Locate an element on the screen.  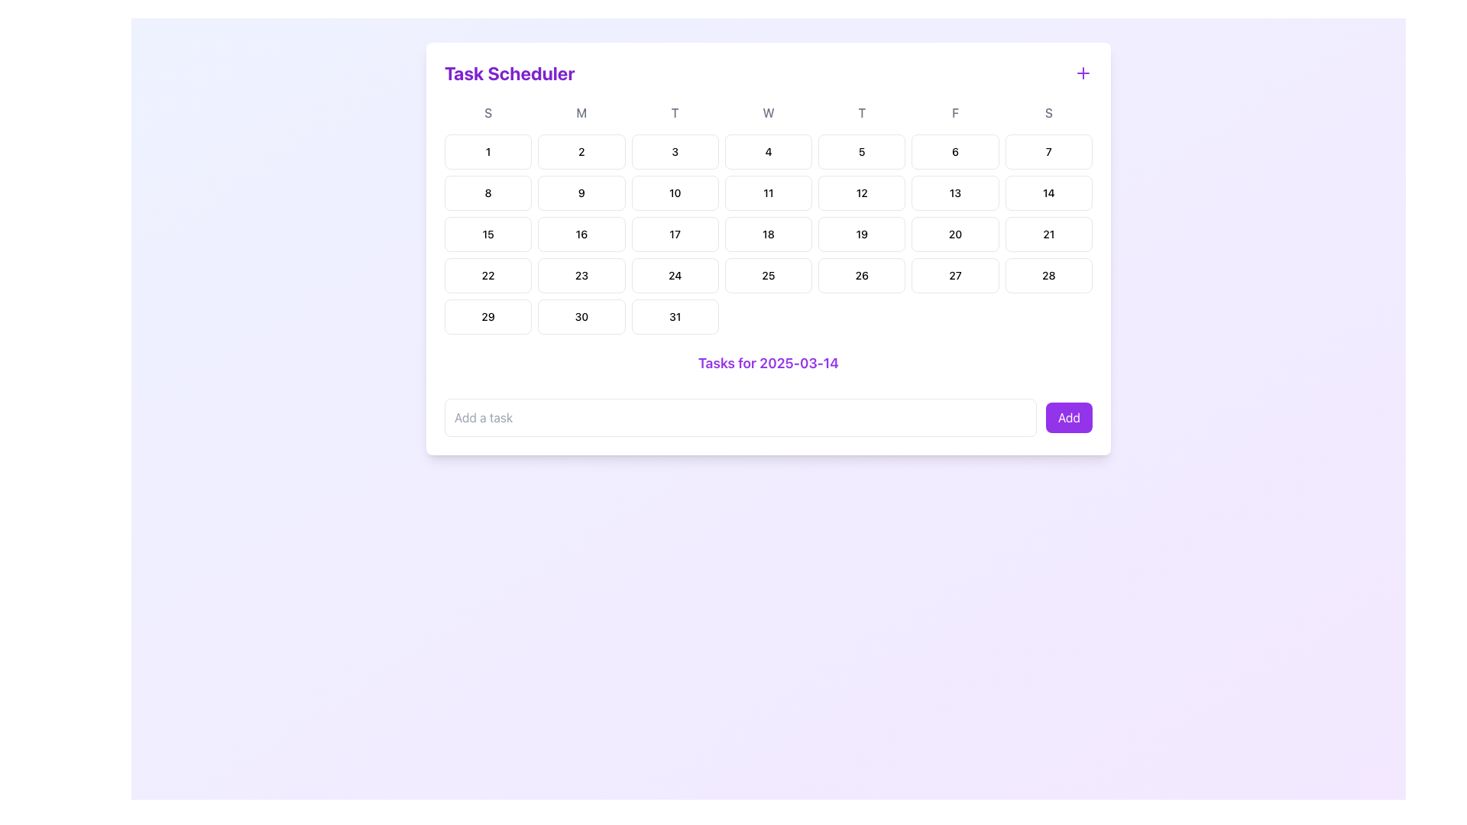
the button representing the 15th day of the month in the calendar interface is located at coordinates (487, 235).